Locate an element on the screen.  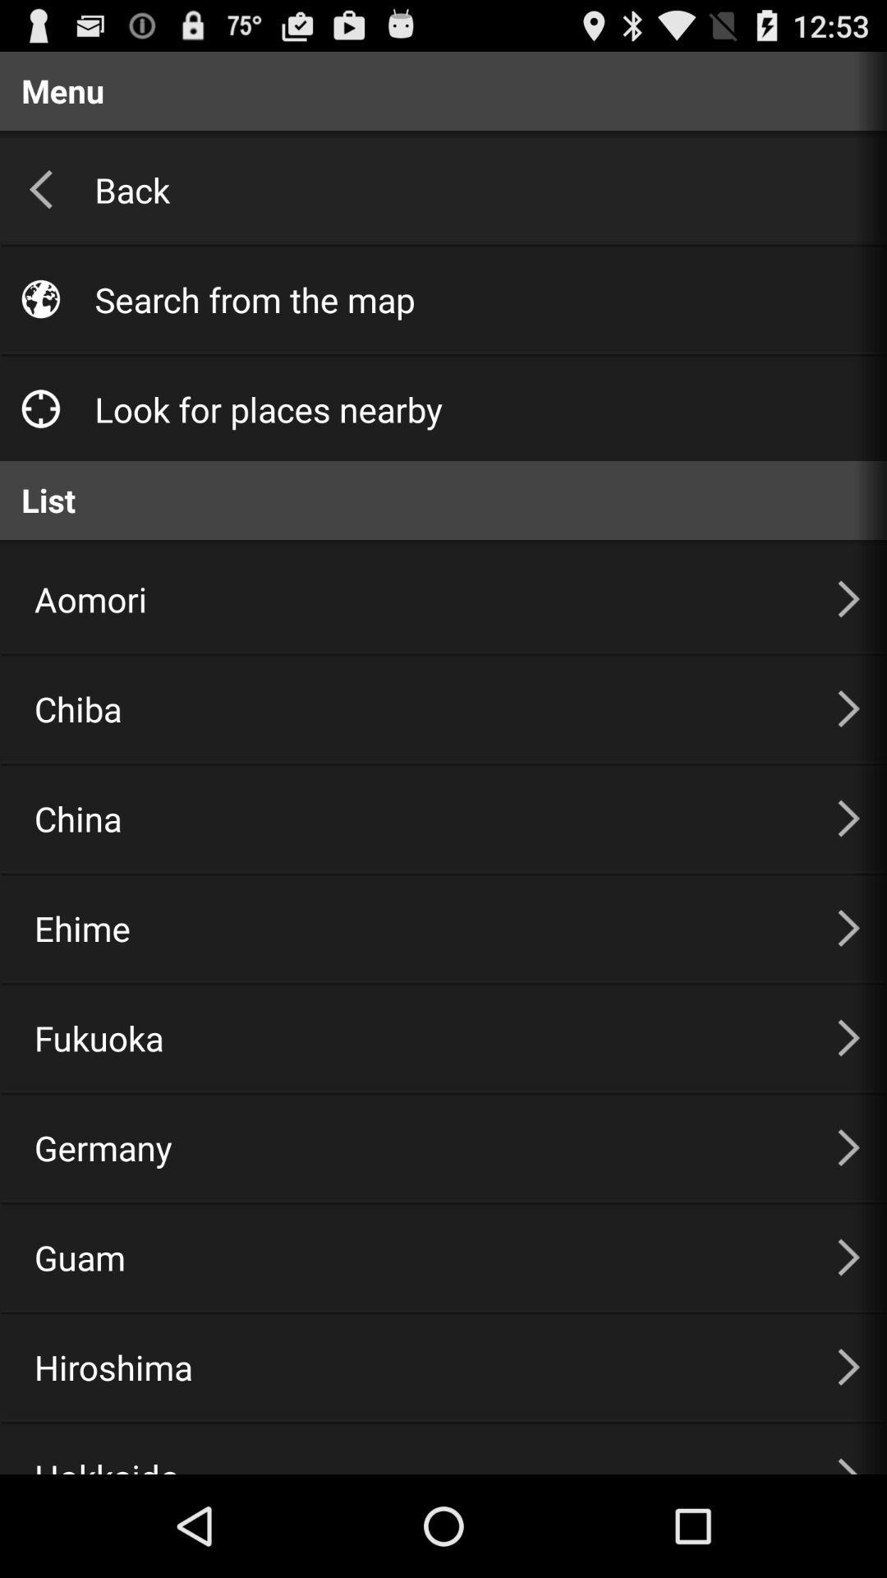
the next button beside ehime is located at coordinates (848, 928).